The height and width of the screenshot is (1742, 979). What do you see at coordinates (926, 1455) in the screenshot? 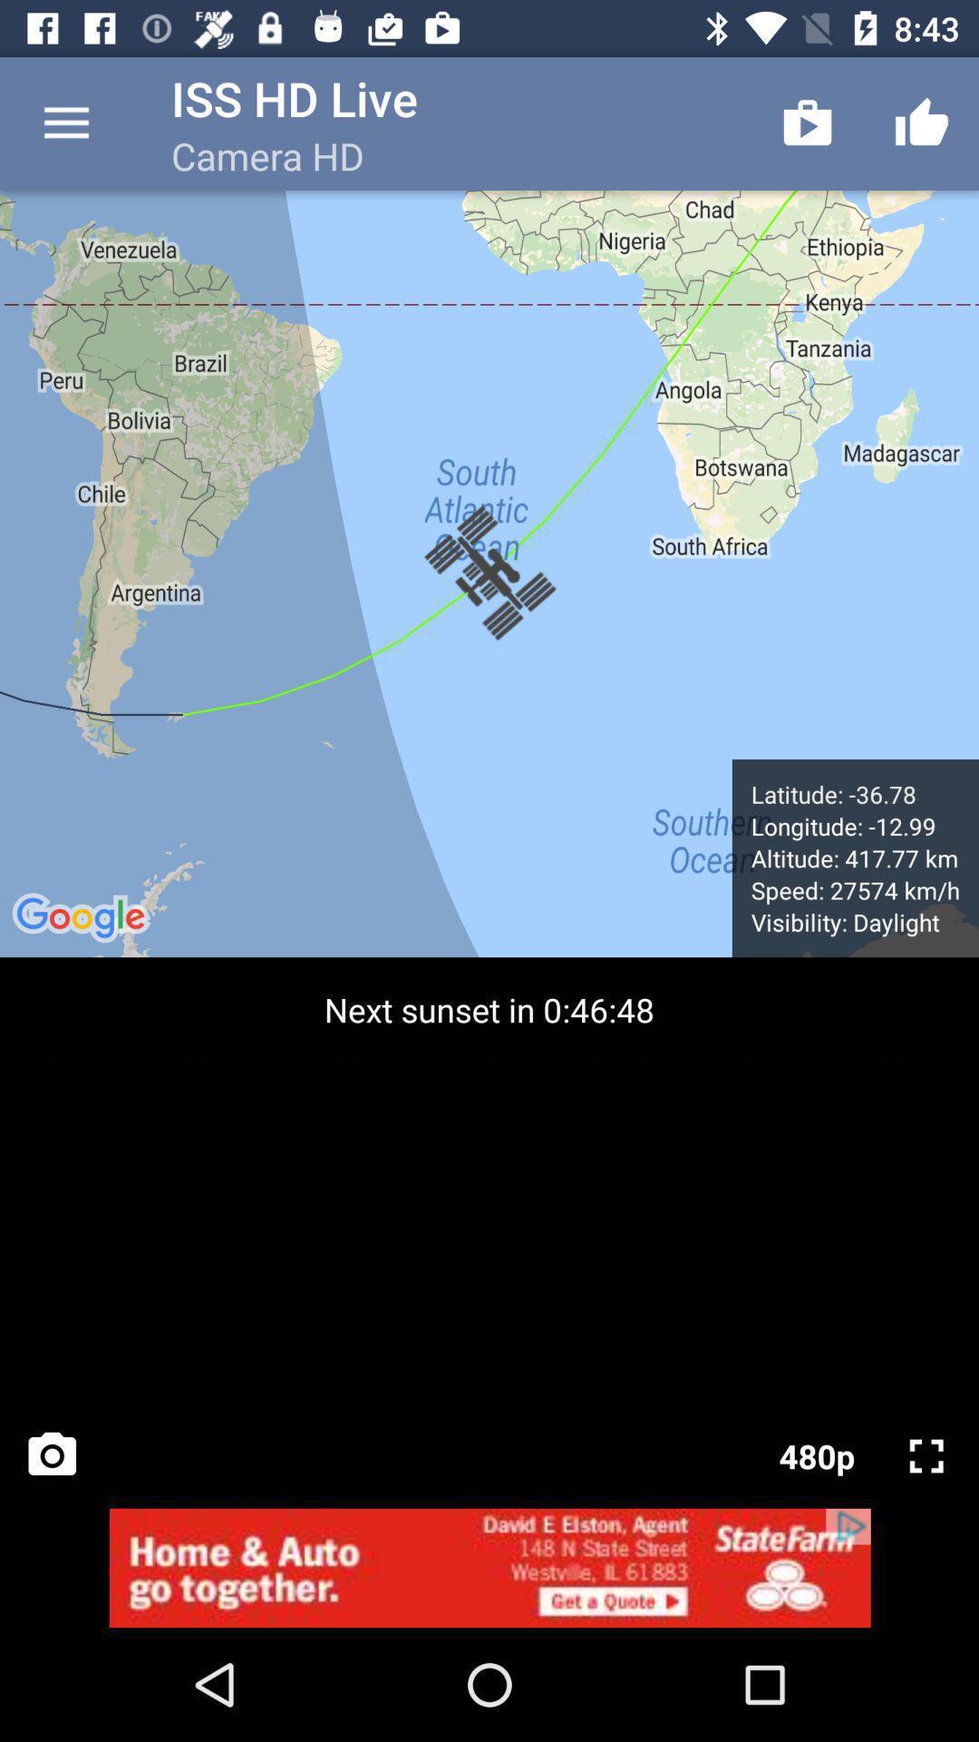
I see `the fullscreen icon` at bounding box center [926, 1455].